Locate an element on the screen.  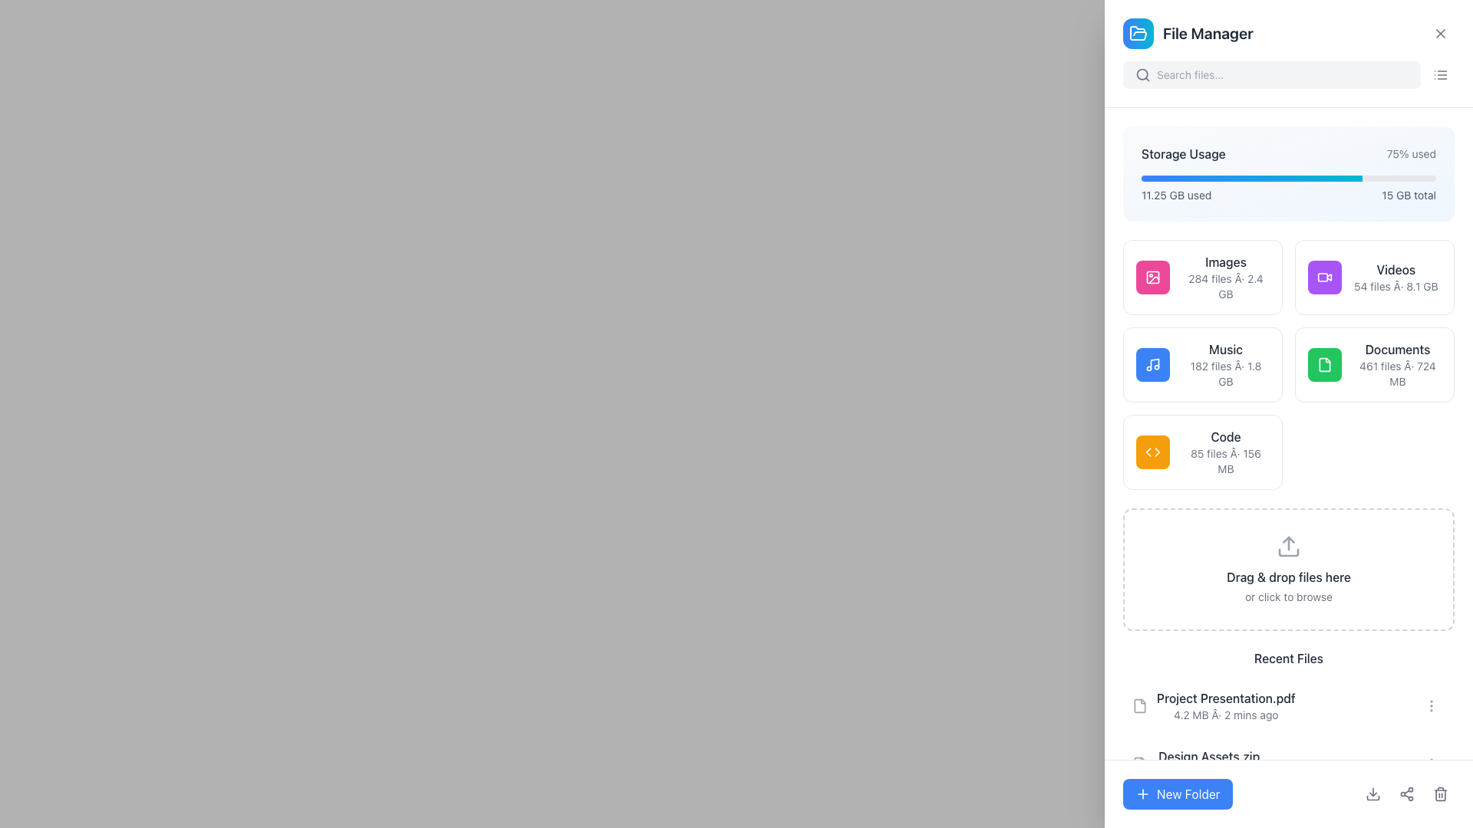
text label indicating the 'Code' file category, which is positioned at the top of the file type cards section, beneath 'Music' and 'Documents' is located at coordinates (1225, 437).